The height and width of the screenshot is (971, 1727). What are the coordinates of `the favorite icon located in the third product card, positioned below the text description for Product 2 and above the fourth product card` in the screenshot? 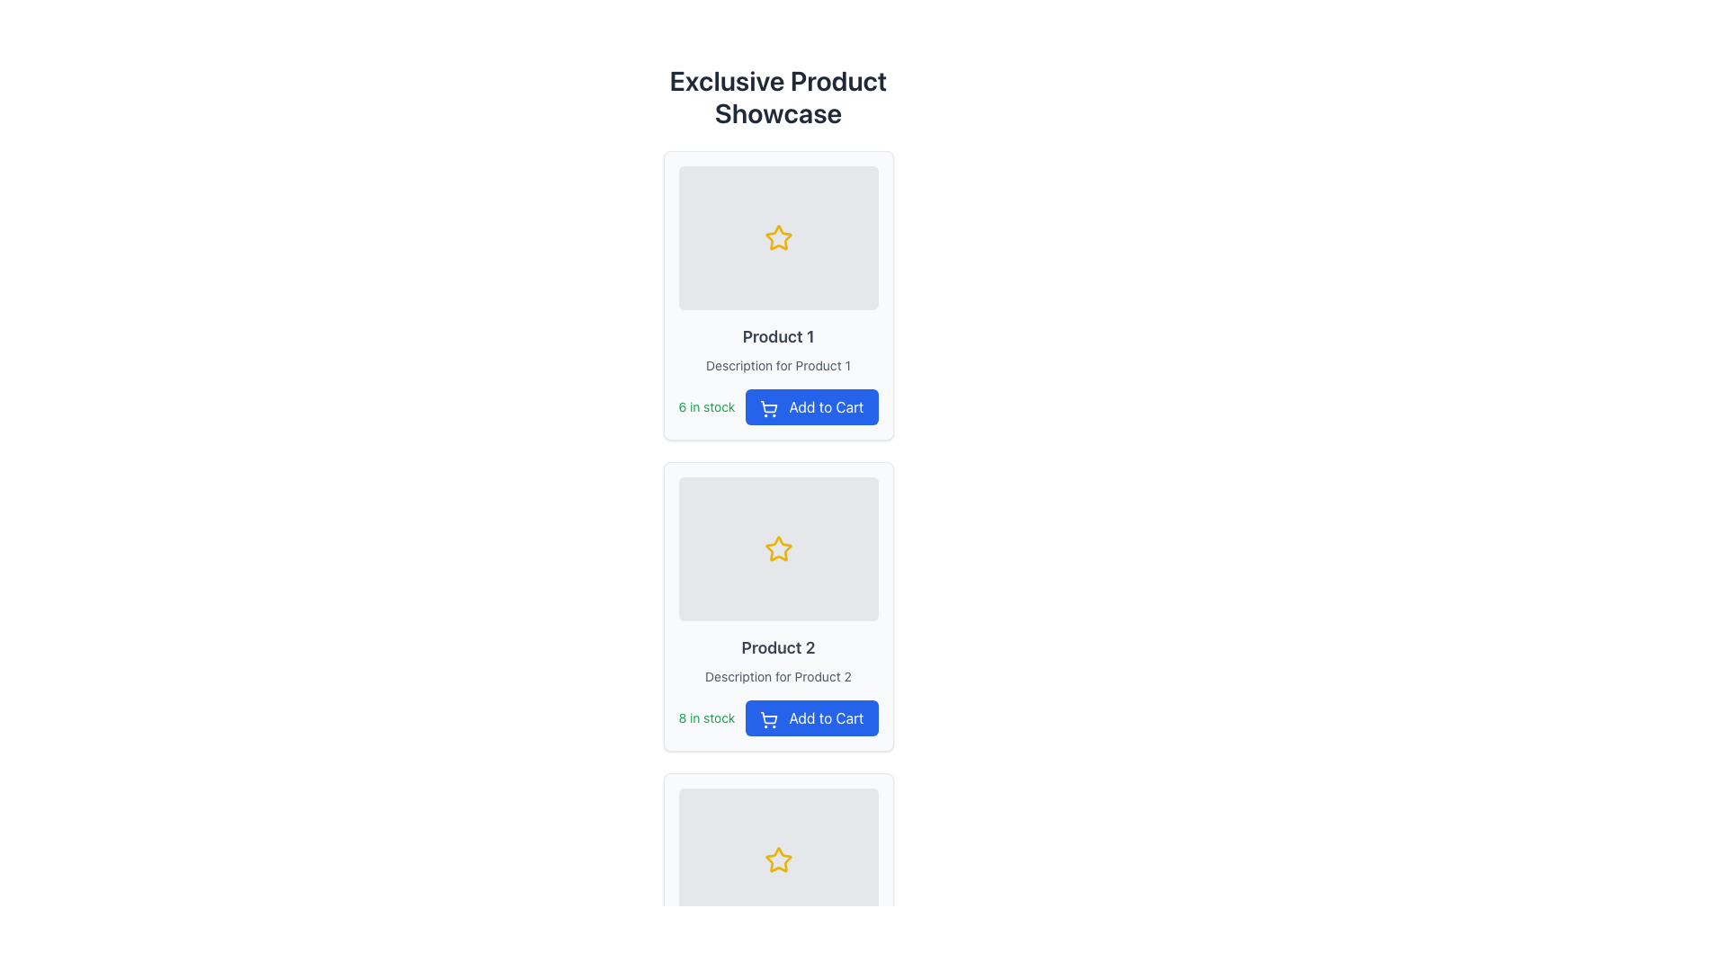 It's located at (777, 859).